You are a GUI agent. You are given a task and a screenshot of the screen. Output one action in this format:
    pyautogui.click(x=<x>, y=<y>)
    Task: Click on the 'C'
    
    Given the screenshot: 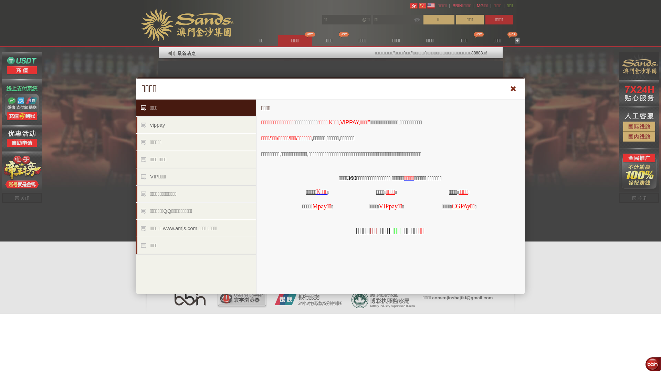 What is the action you would take?
    pyautogui.click(x=454, y=205)
    